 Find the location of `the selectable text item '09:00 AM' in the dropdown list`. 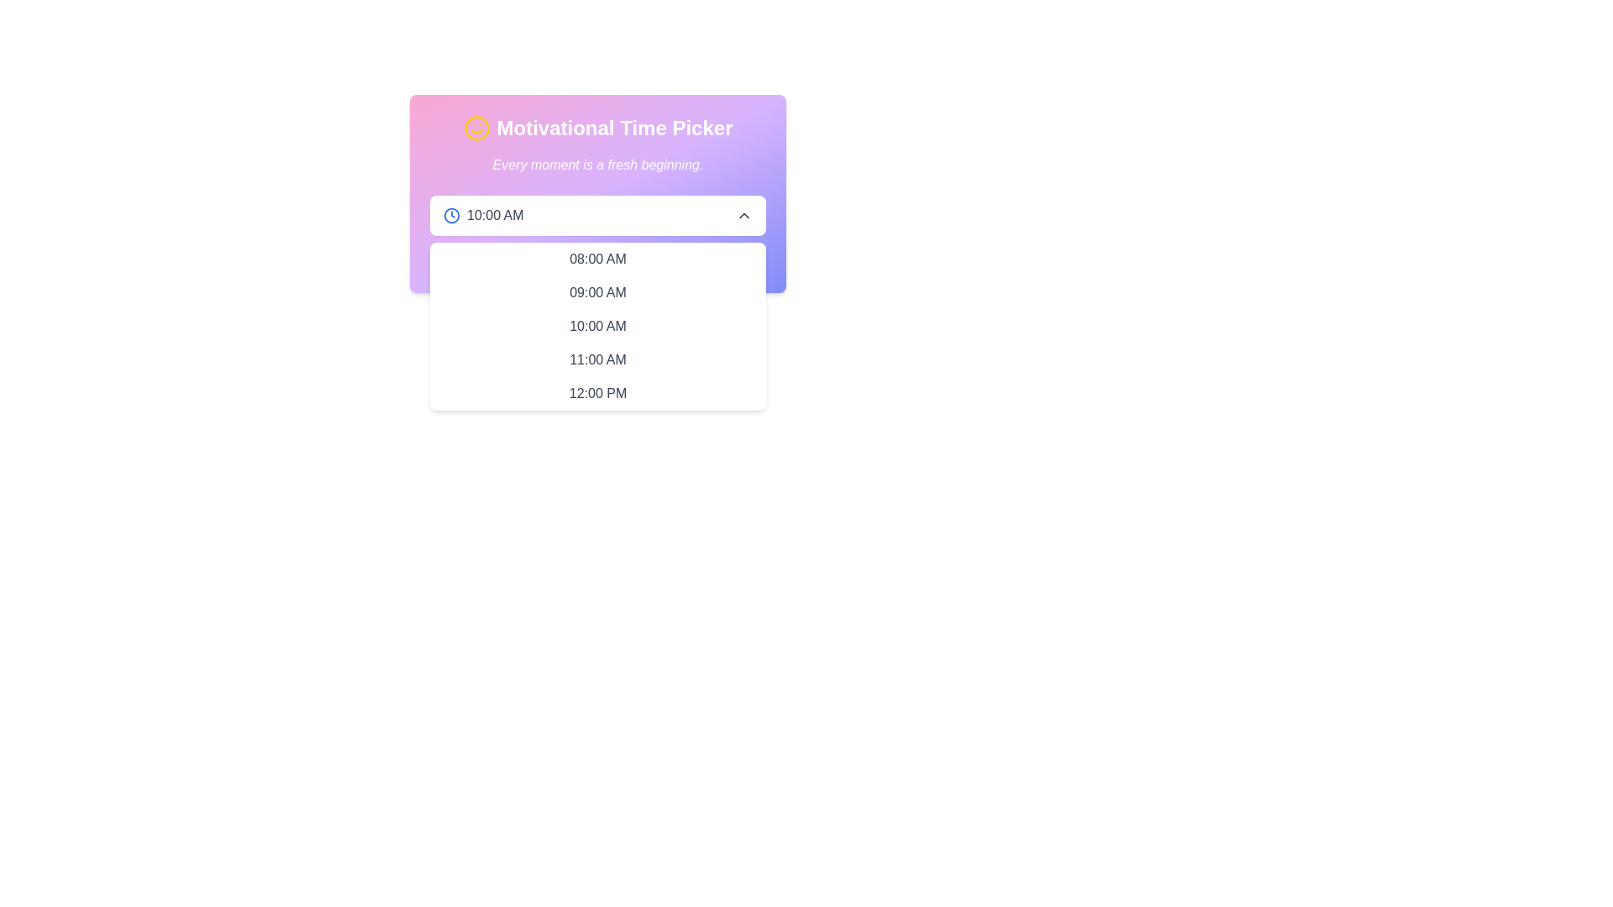

the selectable text item '09:00 AM' in the dropdown list is located at coordinates (597, 291).